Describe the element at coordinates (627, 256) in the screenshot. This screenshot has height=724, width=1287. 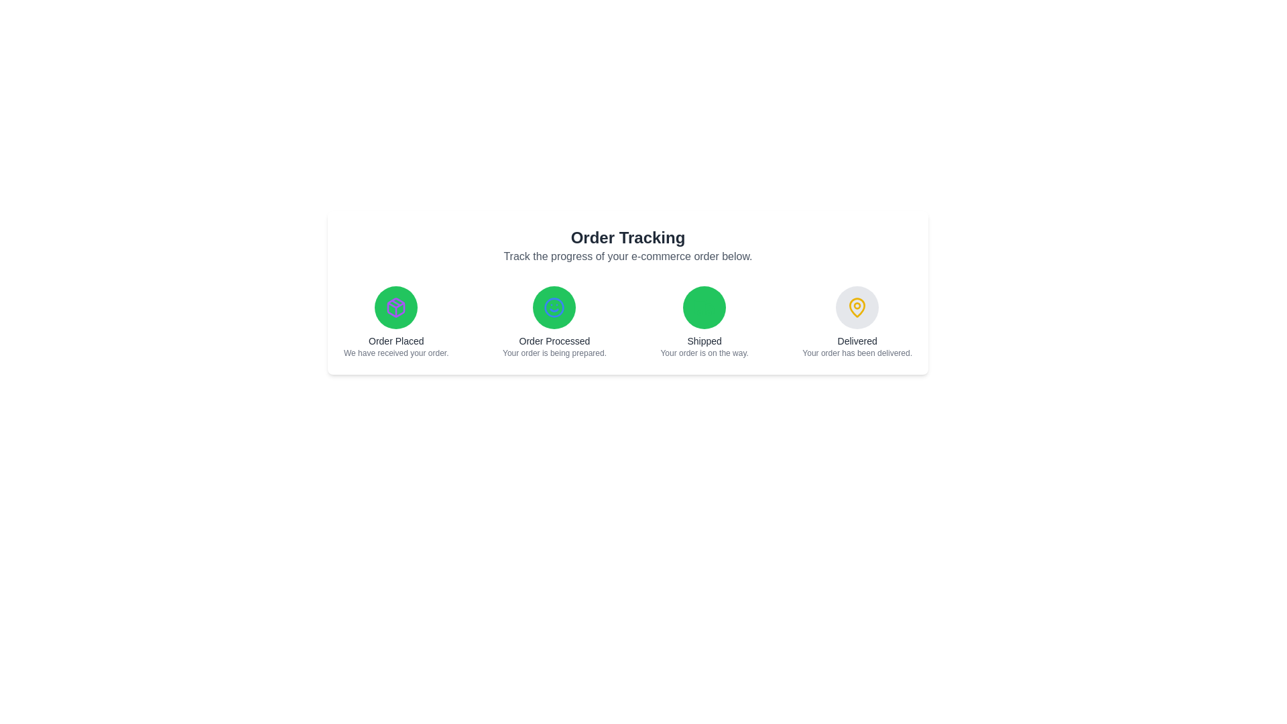
I see `the descriptive text block that reads 'Track the progress of your e-commerce order below.' which is located directly below the main title 'Order Tracking.'` at that location.